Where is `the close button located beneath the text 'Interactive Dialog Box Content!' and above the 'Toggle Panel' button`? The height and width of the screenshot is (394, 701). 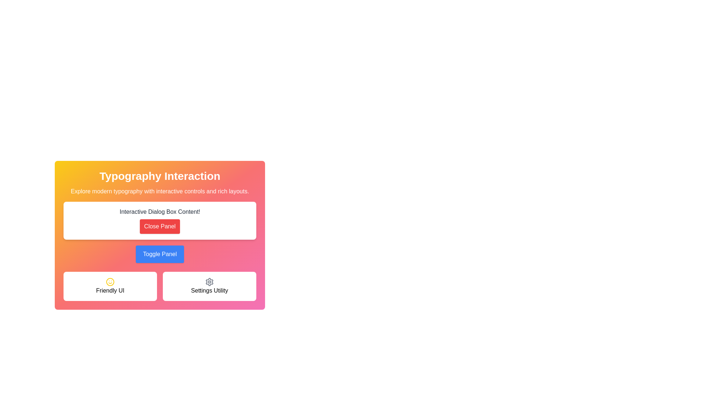 the close button located beneath the text 'Interactive Dialog Box Content!' and above the 'Toggle Panel' button is located at coordinates (159, 235).